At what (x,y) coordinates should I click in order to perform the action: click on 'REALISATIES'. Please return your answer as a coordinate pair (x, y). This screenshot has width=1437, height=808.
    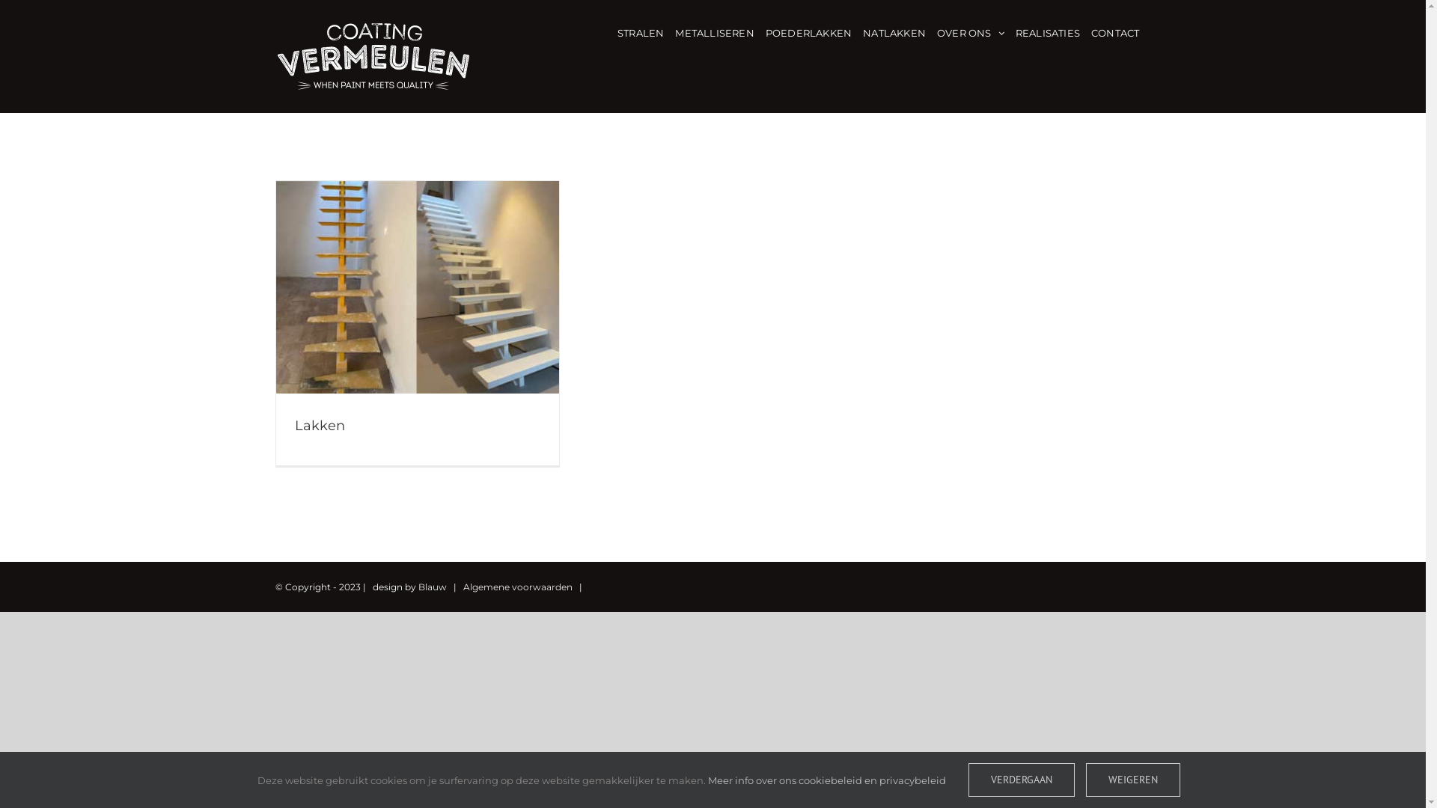
    Looking at the image, I should click on (1016, 31).